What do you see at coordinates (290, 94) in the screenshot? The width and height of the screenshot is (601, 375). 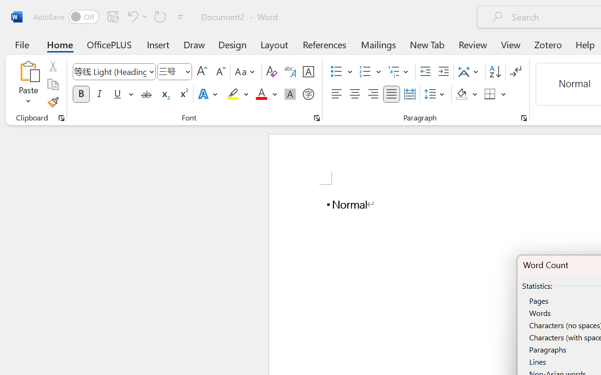 I see `'Character Shading'` at bounding box center [290, 94].